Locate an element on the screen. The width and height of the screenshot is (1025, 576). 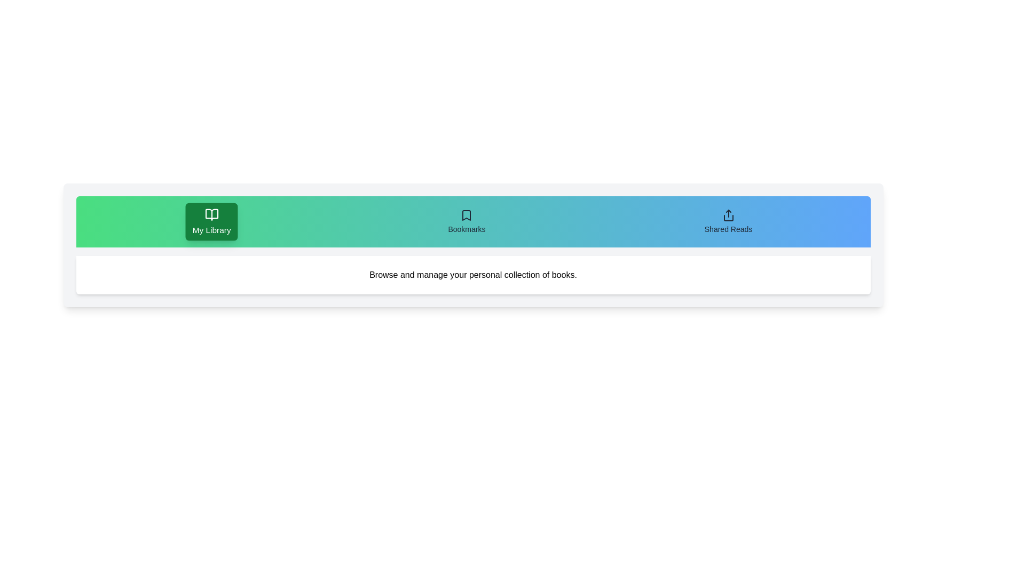
the tab labeled Shared Reads to observe its hover effect is located at coordinates (727, 221).